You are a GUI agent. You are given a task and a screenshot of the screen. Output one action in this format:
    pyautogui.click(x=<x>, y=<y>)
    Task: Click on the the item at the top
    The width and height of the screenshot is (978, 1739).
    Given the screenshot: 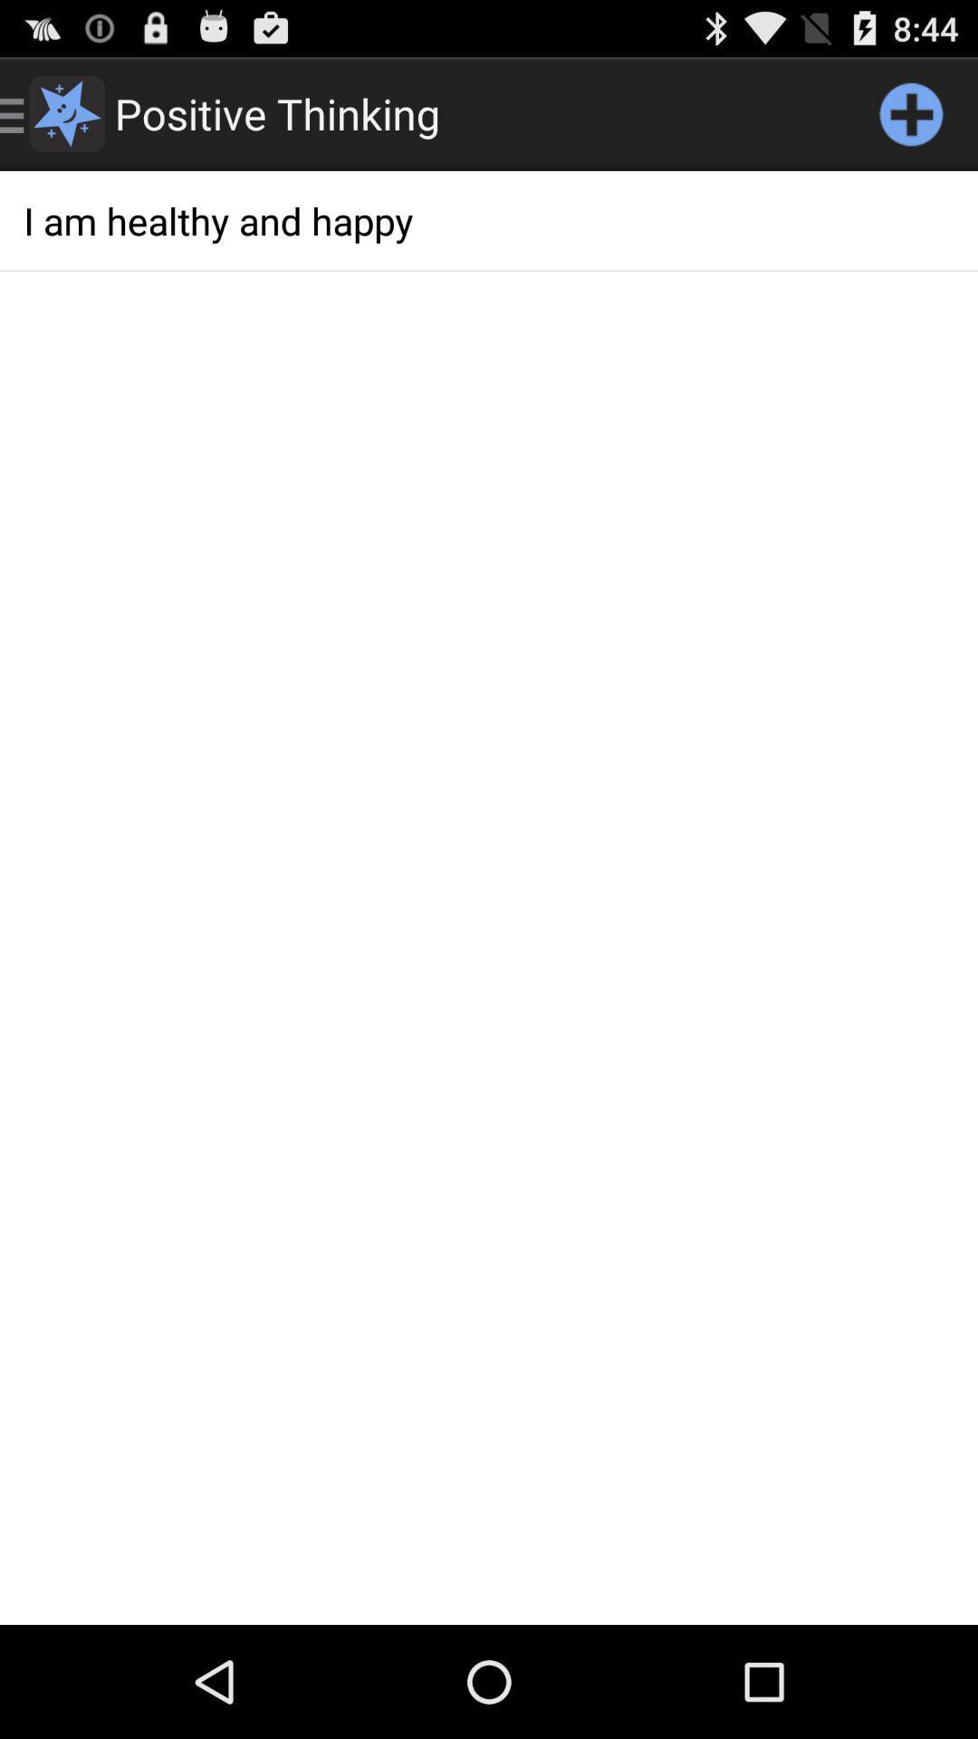 What is the action you would take?
    pyautogui.click(x=489, y=219)
    